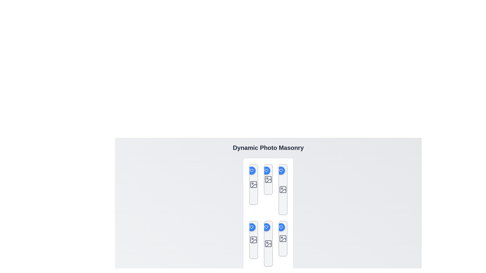  What do you see at coordinates (268, 179) in the screenshot?
I see `the image icon placeholder with rounded corners located in the middle column, second position from the top` at bounding box center [268, 179].